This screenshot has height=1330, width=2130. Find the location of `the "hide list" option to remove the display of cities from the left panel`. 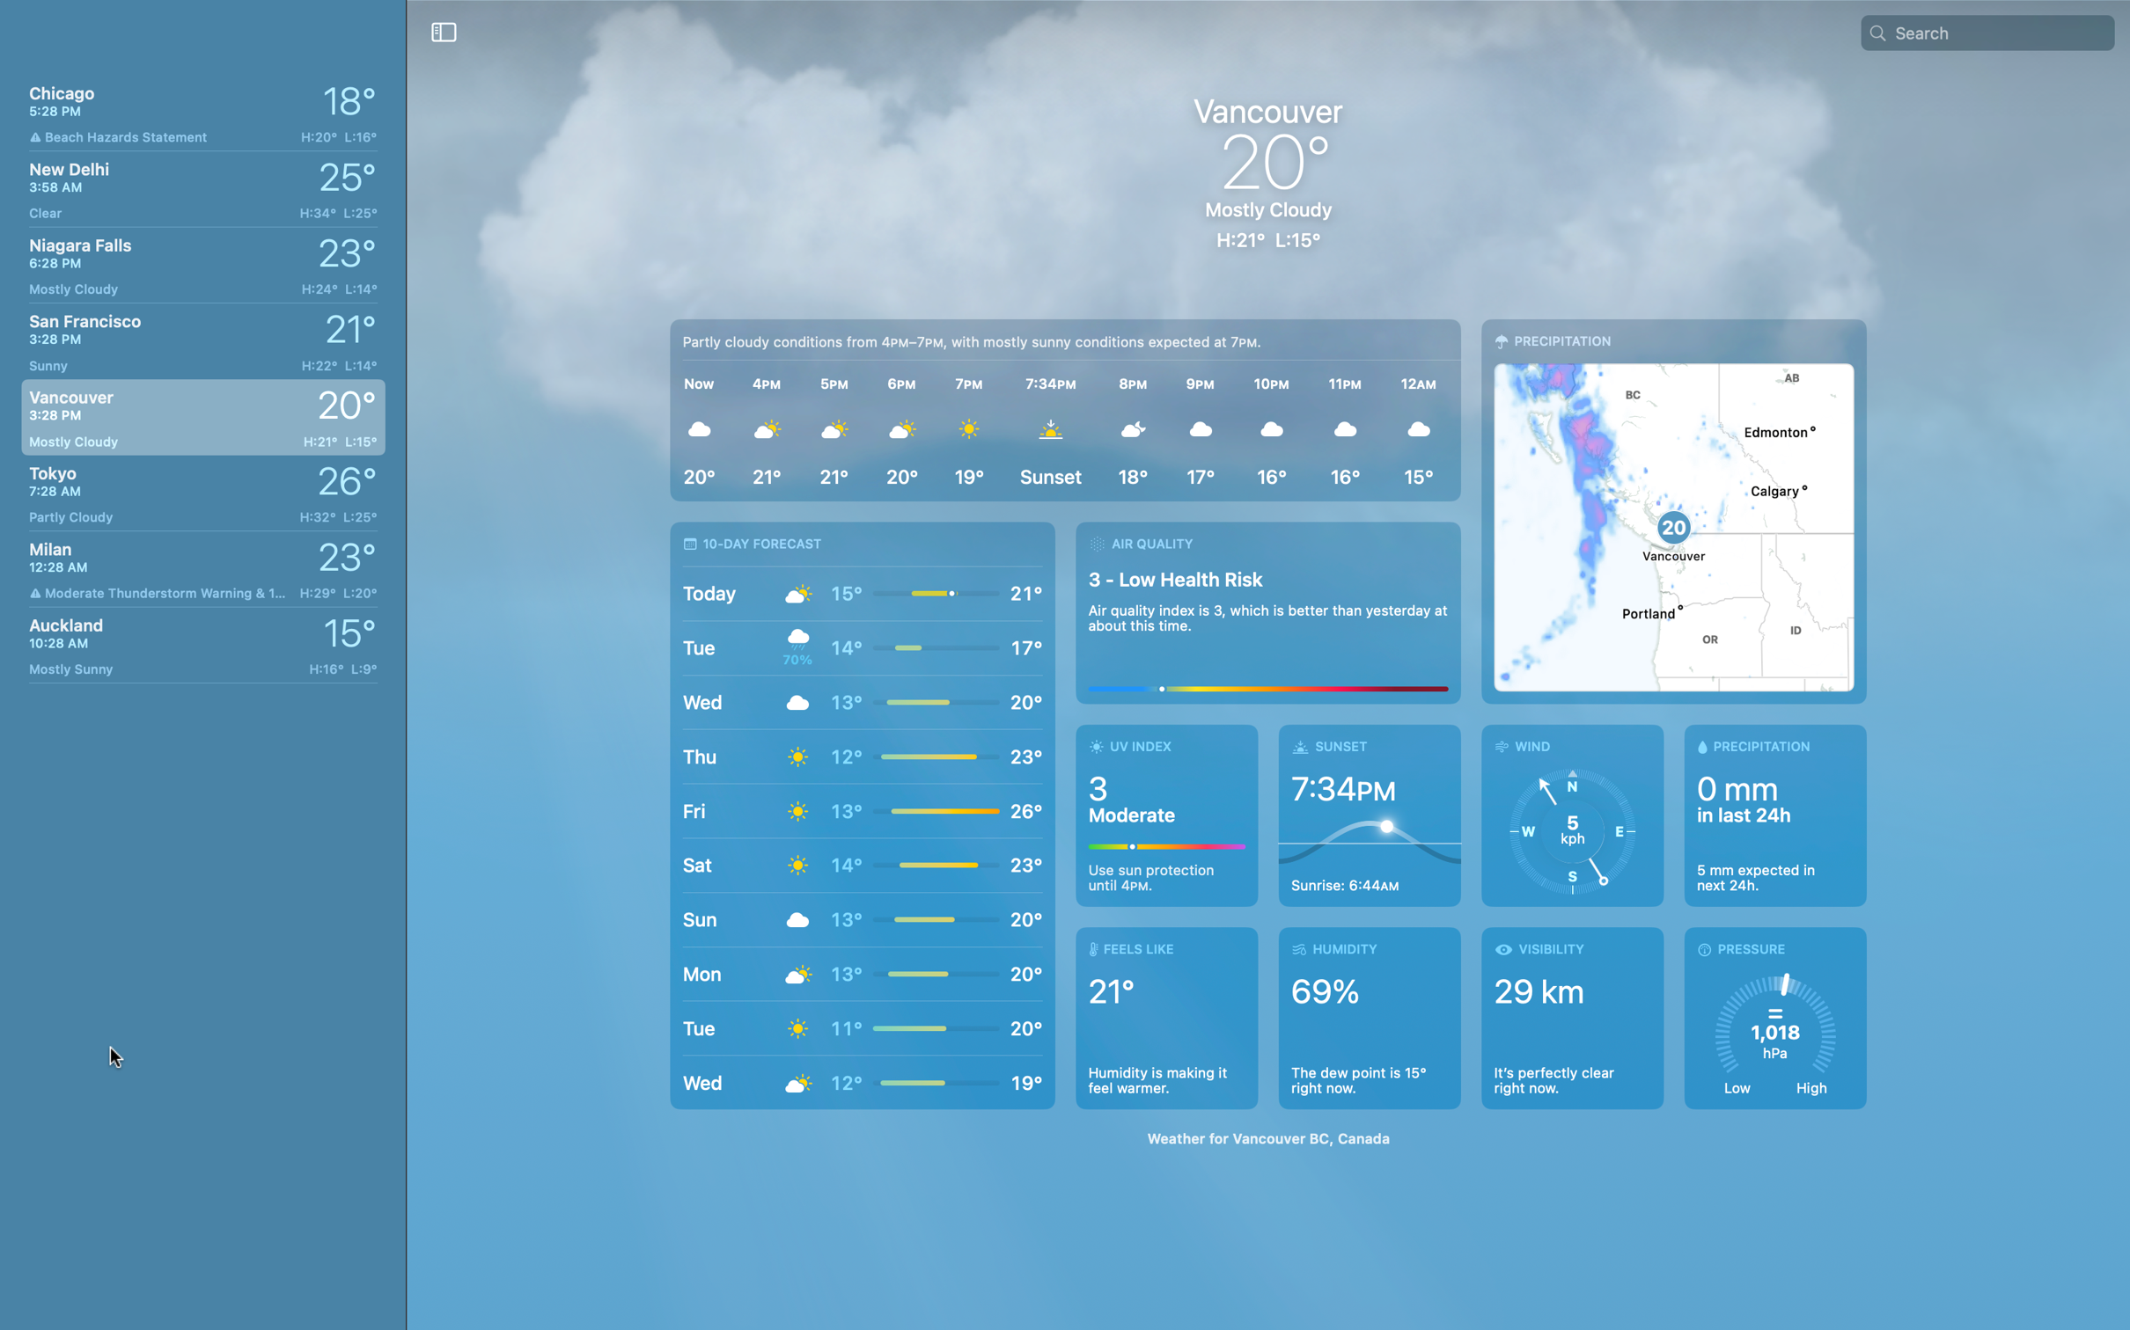

the "hide list" option to remove the display of cities from the left panel is located at coordinates (444, 31).